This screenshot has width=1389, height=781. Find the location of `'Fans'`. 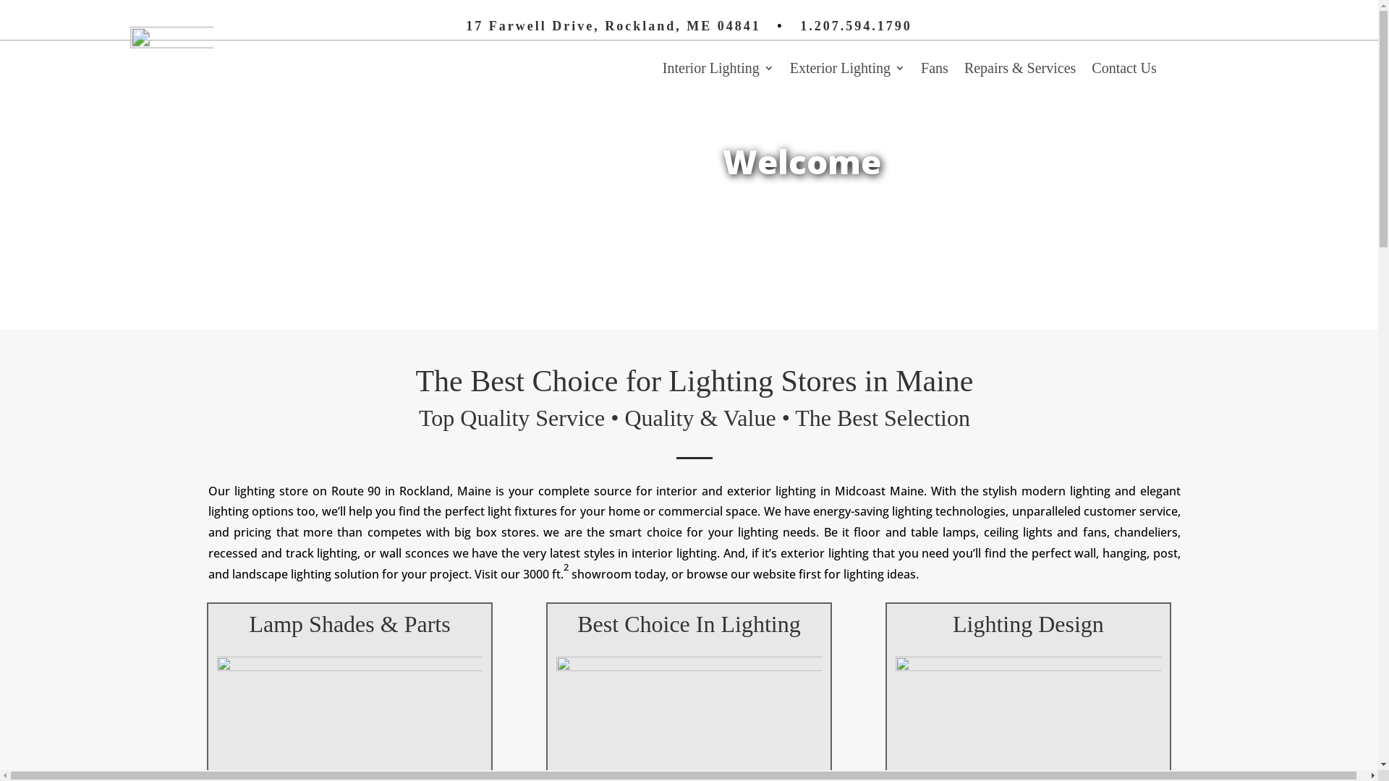

'Fans' is located at coordinates (919, 70).